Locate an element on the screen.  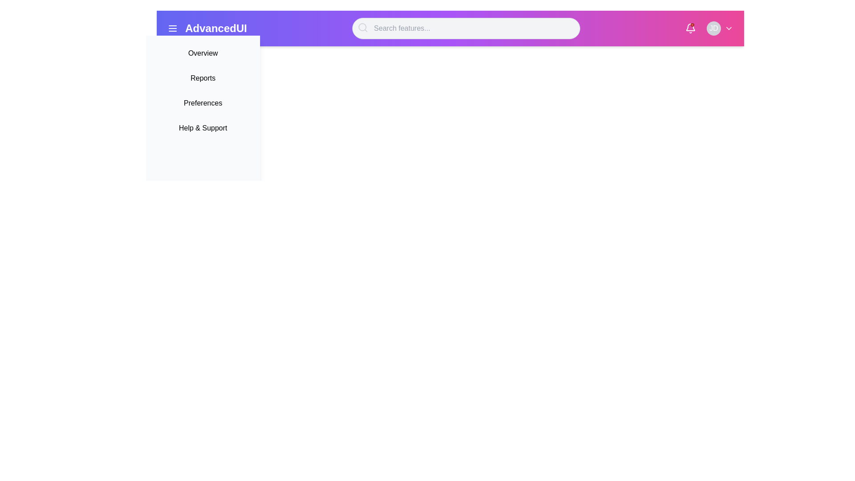
the bell icon representing notifications located in the upper-right corner of the interface for keyboard navigation is located at coordinates (690, 27).